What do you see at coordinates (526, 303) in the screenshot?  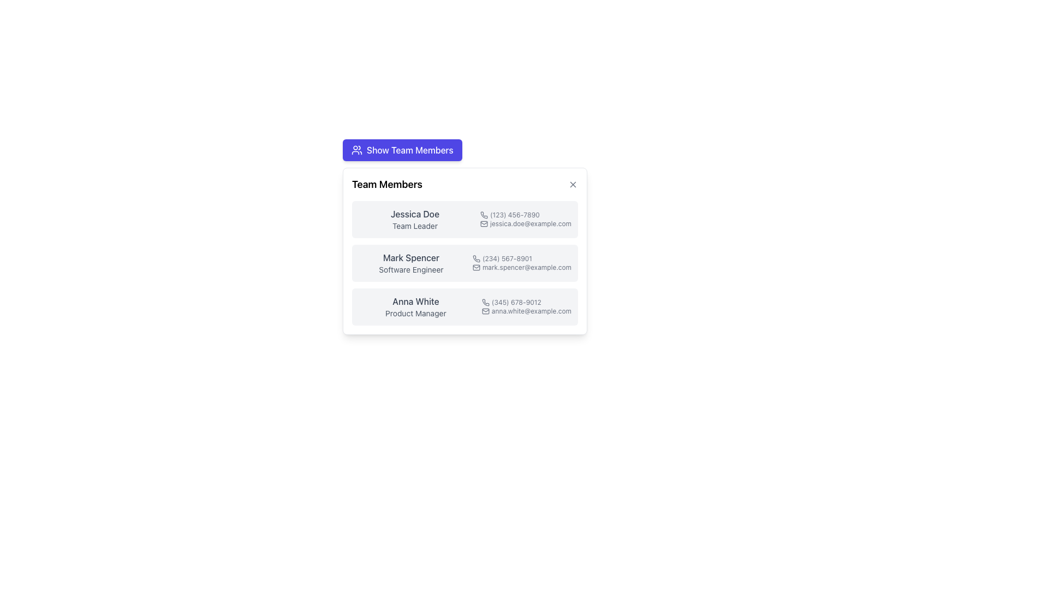 I see `the phone number text '(345) 678-9012' displayed in a small, grey font, which is the second item in the contact details for 'Anna White'` at bounding box center [526, 303].